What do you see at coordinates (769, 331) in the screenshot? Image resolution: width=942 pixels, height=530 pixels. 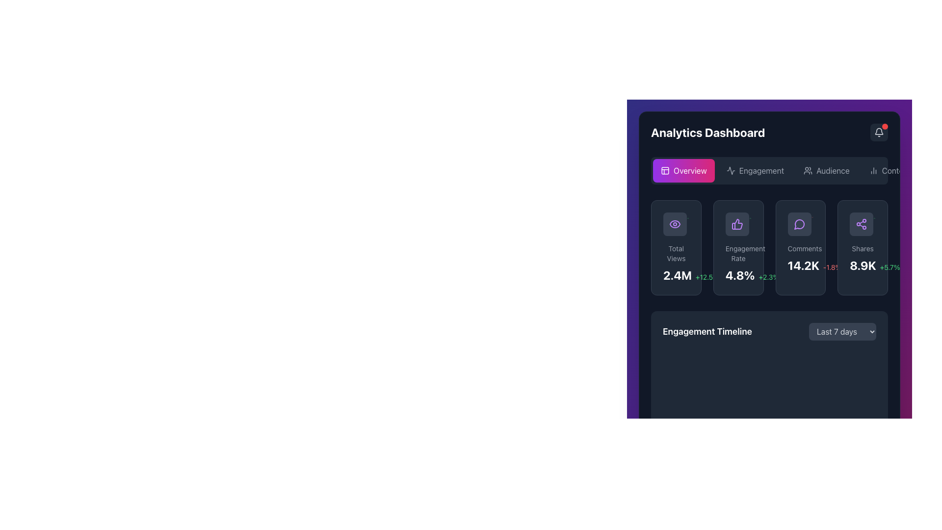 I see `the group containing the title 'Engagement Timeline' and the dropdown menu, which is centrally located beneath the metrics summary tiles` at bounding box center [769, 331].